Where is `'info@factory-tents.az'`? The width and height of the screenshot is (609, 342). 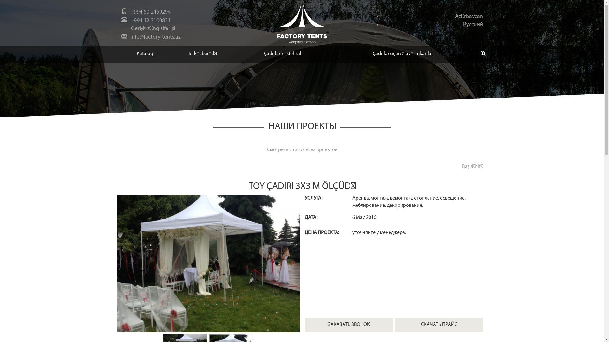
'info@factory-tents.az' is located at coordinates (155, 37).